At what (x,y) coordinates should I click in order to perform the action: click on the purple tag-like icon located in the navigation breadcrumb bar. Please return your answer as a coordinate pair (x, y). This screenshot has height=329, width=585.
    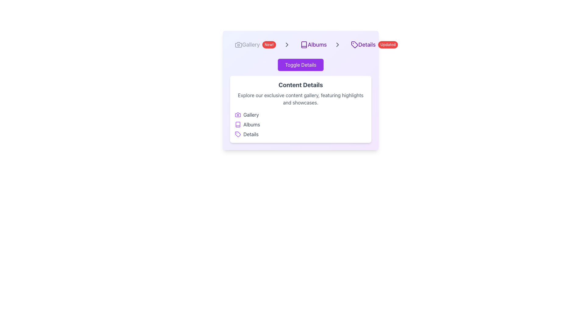
    Looking at the image, I should click on (355, 44).